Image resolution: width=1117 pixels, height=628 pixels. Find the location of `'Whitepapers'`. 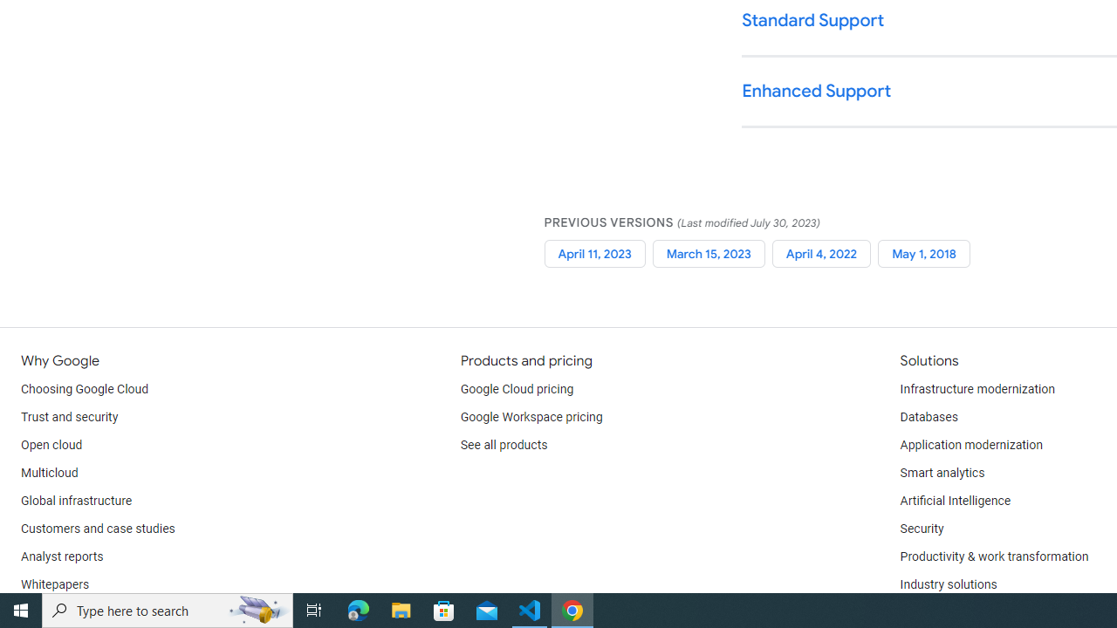

'Whitepapers' is located at coordinates (55, 585).